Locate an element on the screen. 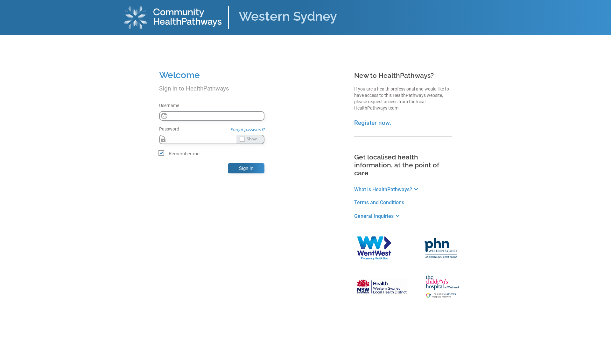 The image size is (611, 343). 'What is HealthPathways?expand_more' is located at coordinates (387, 189).